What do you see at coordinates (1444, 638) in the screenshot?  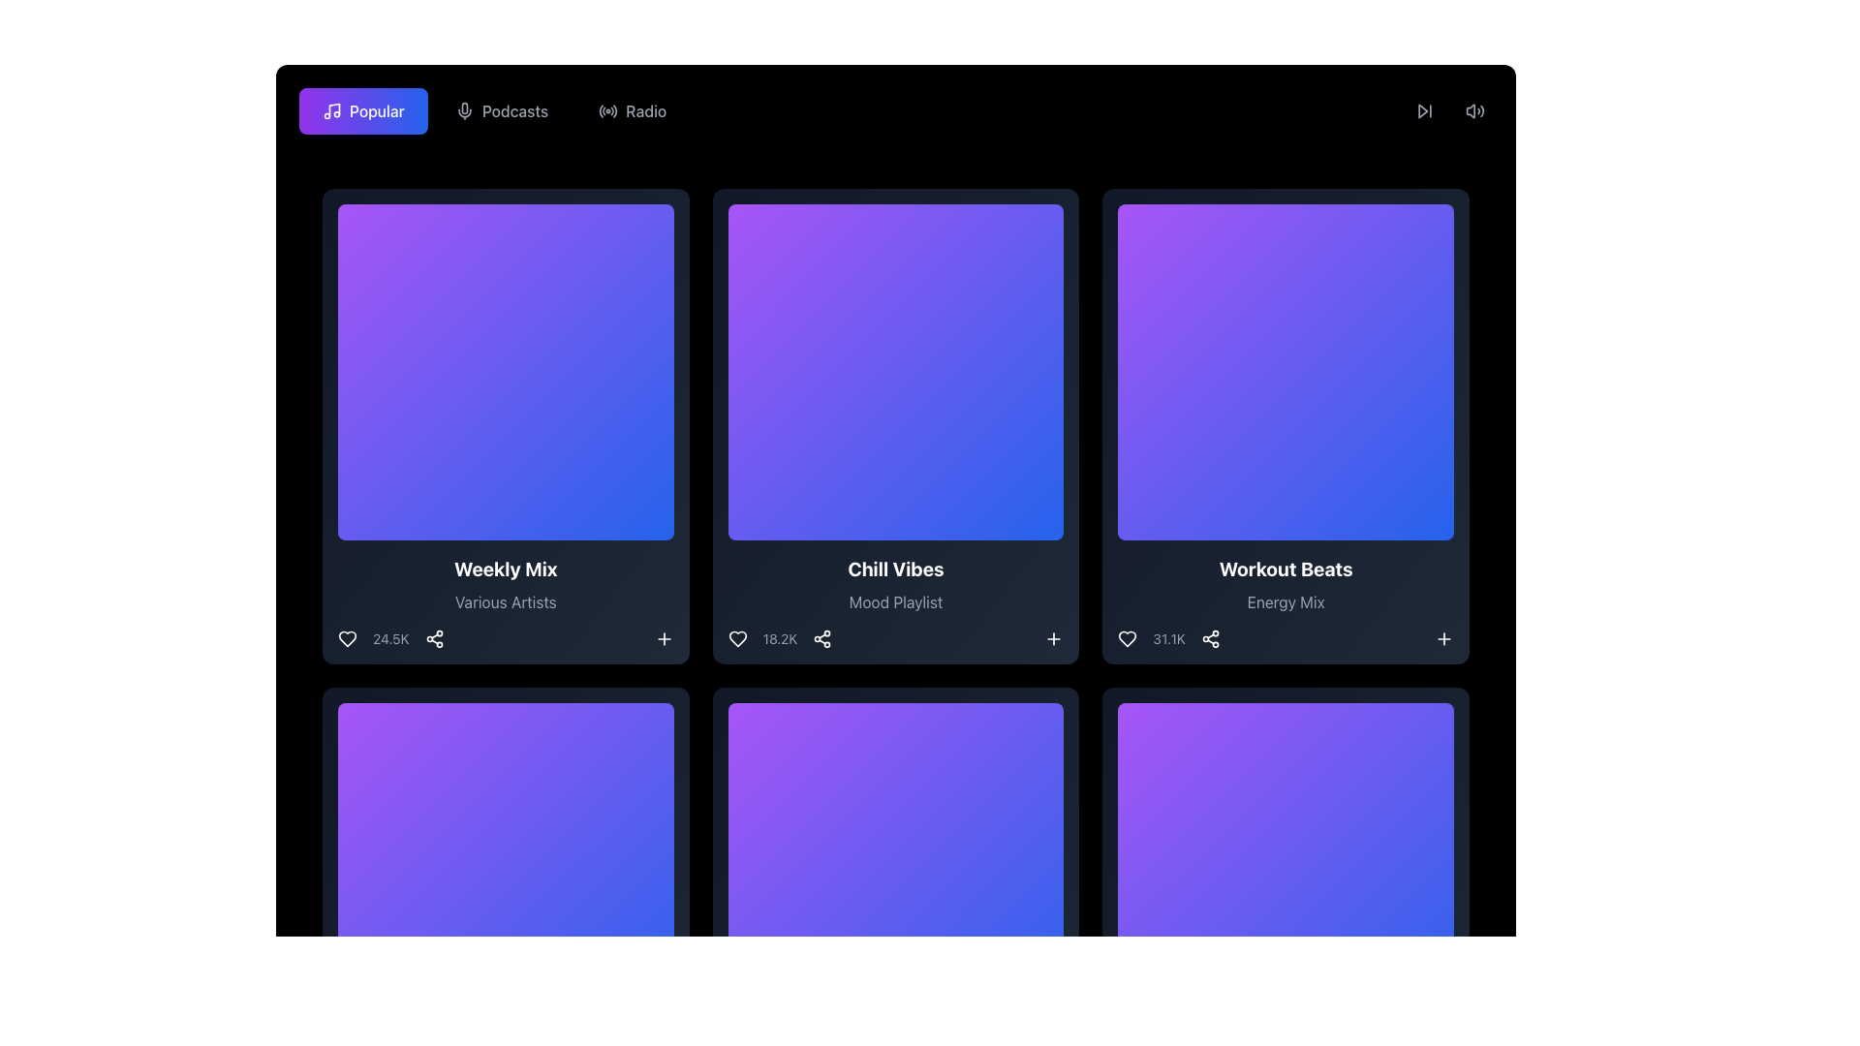 I see `the Icon Button located in the bottom-right corner of the 'Workout Beats' card, adjacent to the text displaying '31.1K'` at bounding box center [1444, 638].